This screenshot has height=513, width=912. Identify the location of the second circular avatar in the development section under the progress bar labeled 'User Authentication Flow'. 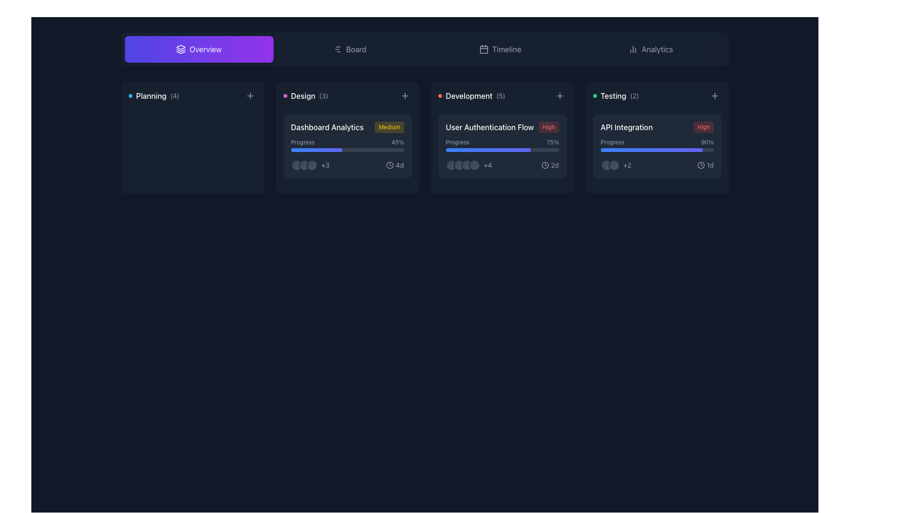
(459, 164).